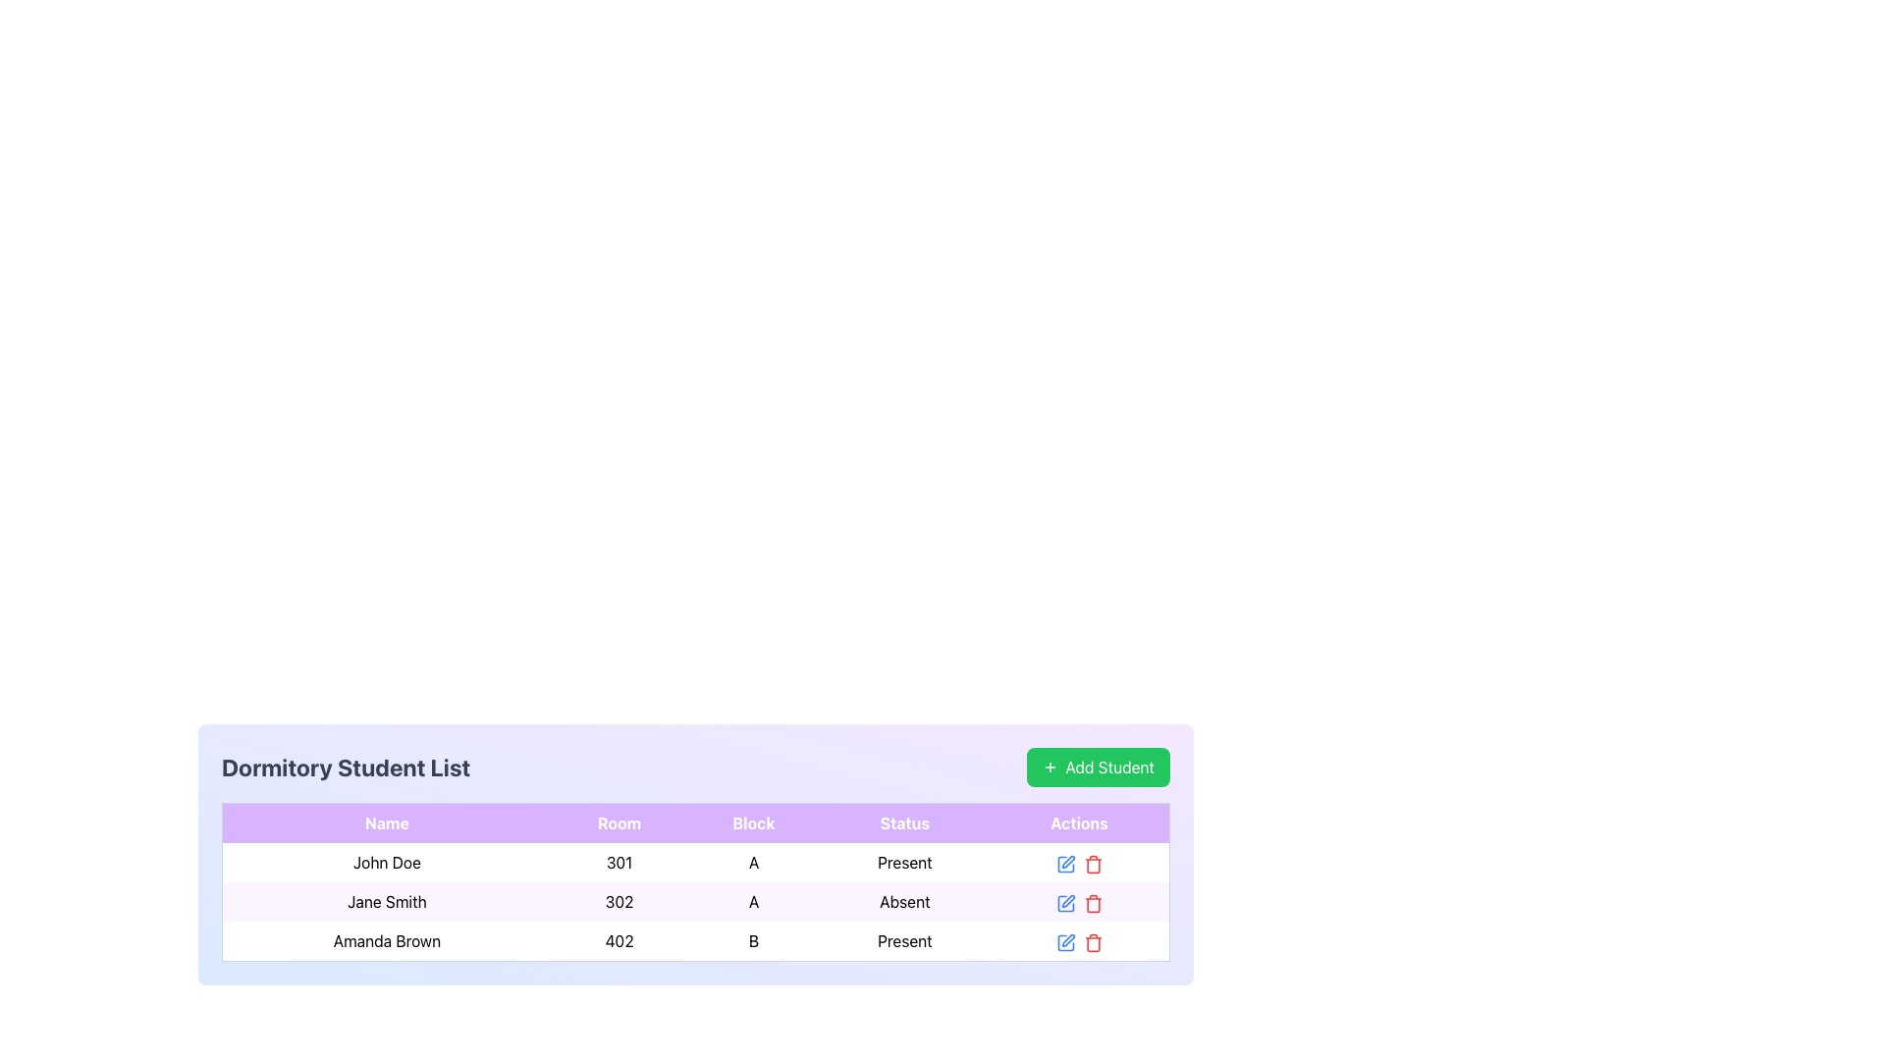  What do you see at coordinates (619, 940) in the screenshot?
I see `the Text Label displaying the room number in the dormitory student list, located in the third row of the table between 'Name: Amanda Brown' and 'Block: B'` at bounding box center [619, 940].